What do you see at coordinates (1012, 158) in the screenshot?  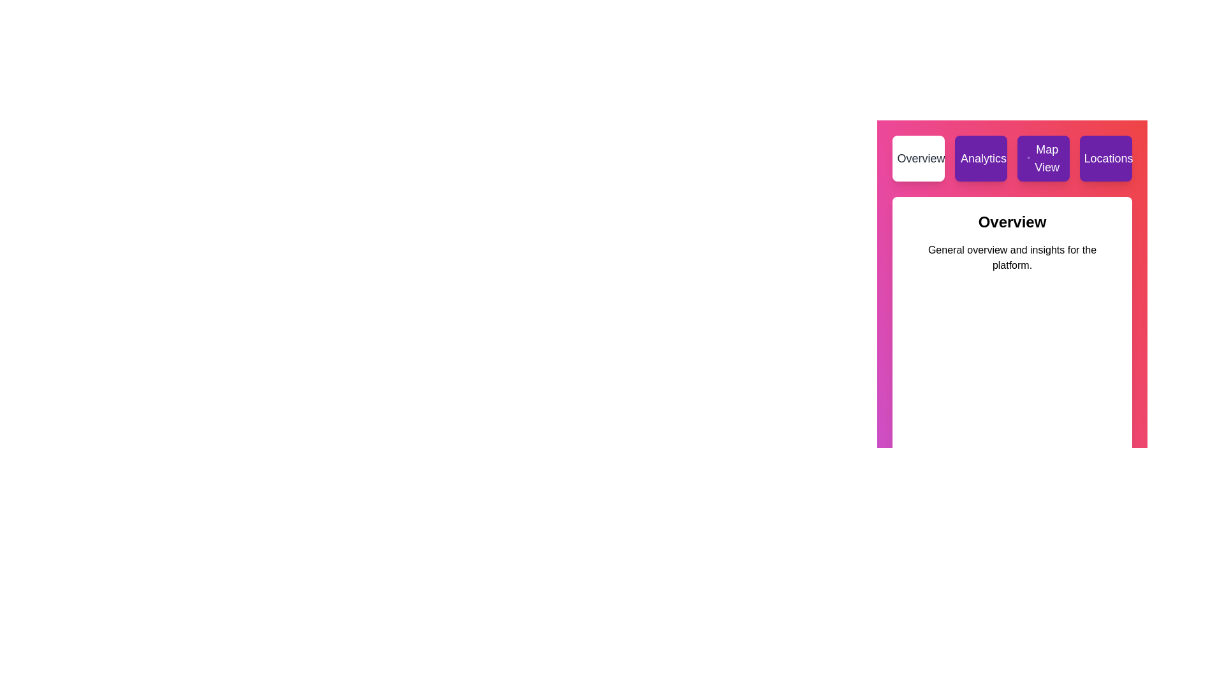 I see `the 'Analytics' tab in the navigation tab bar` at bounding box center [1012, 158].